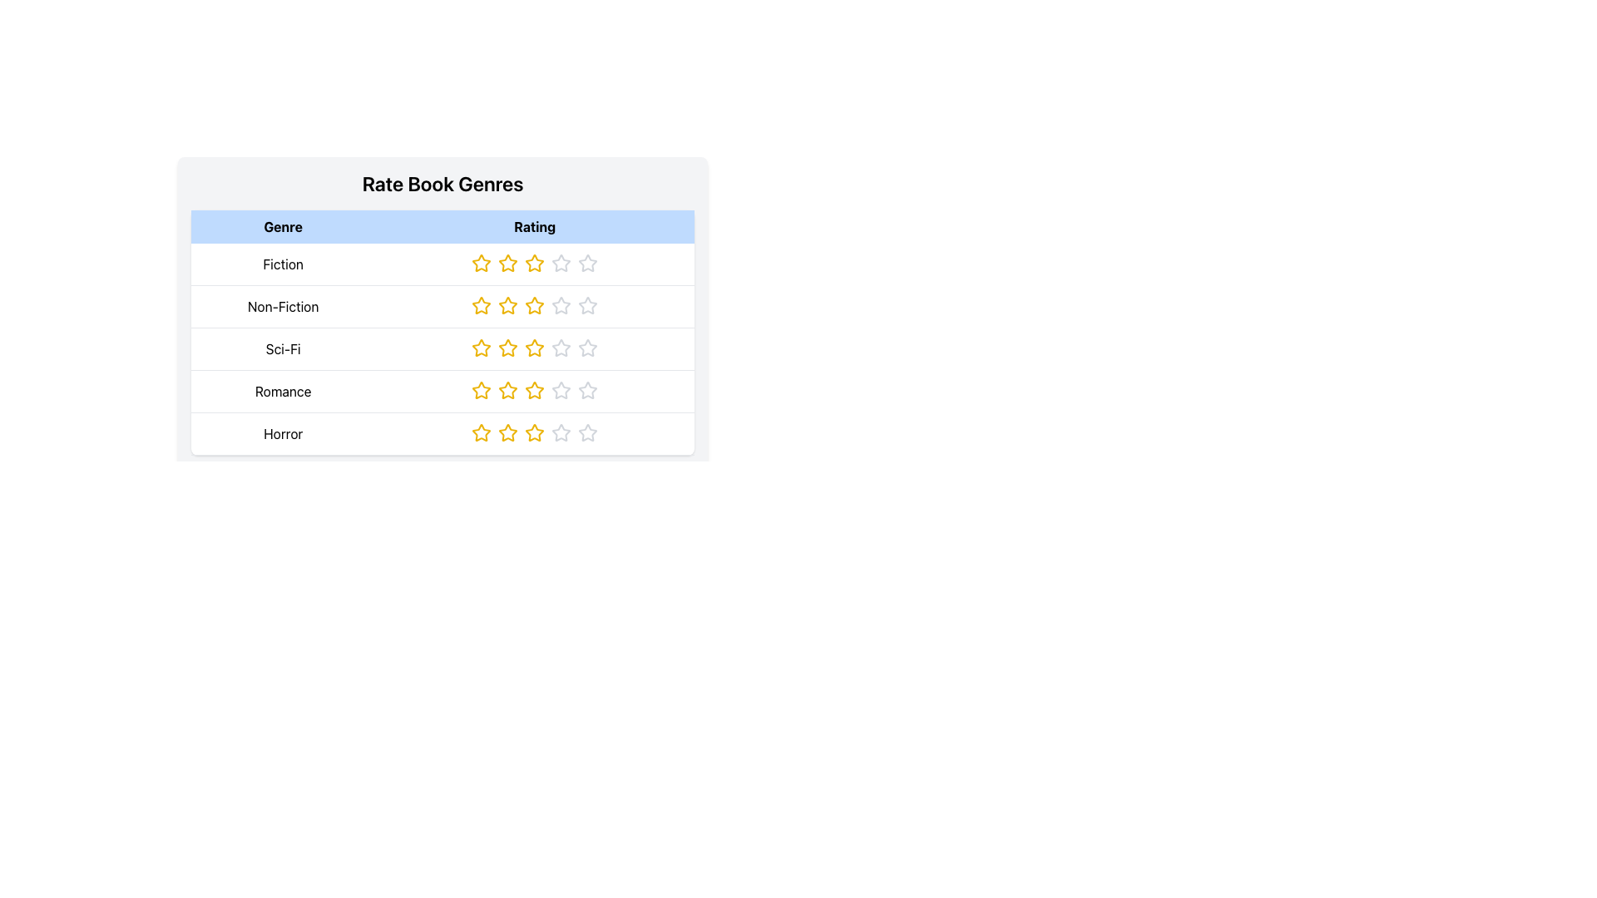 Image resolution: width=1597 pixels, height=898 pixels. I want to click on the third rating star in the 'Rate Book Genres' section for 'Non-Fiction', so click(535, 305).